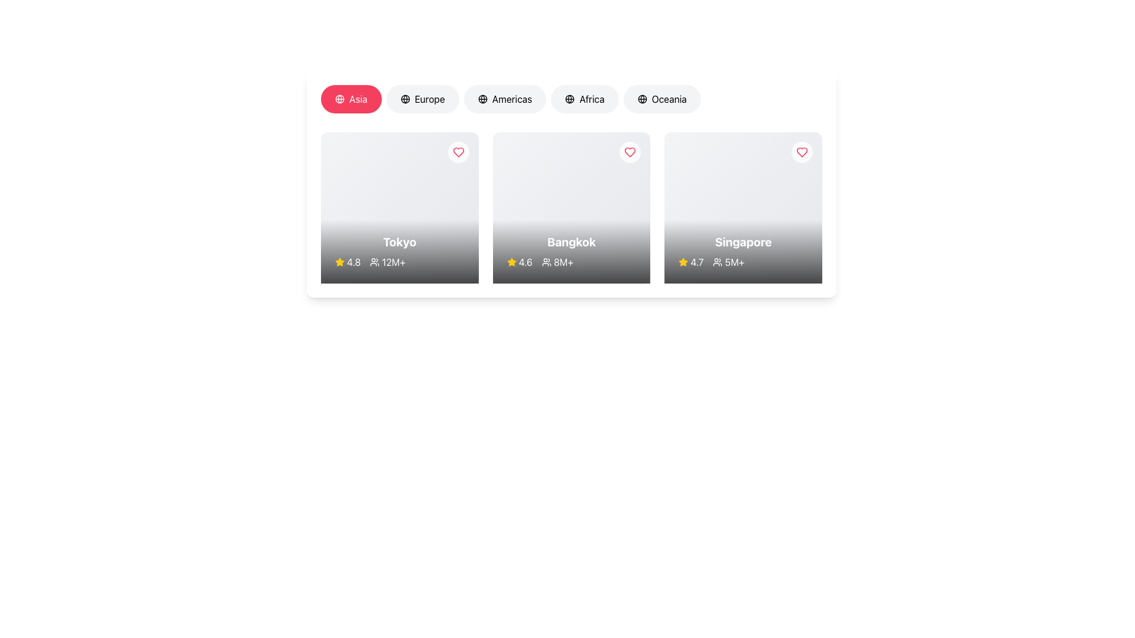  Describe the element at coordinates (405, 99) in the screenshot. I see `globe icon located to the left of the 'Europe' text within the 'Europe' button in the segmented navigation bar` at that location.